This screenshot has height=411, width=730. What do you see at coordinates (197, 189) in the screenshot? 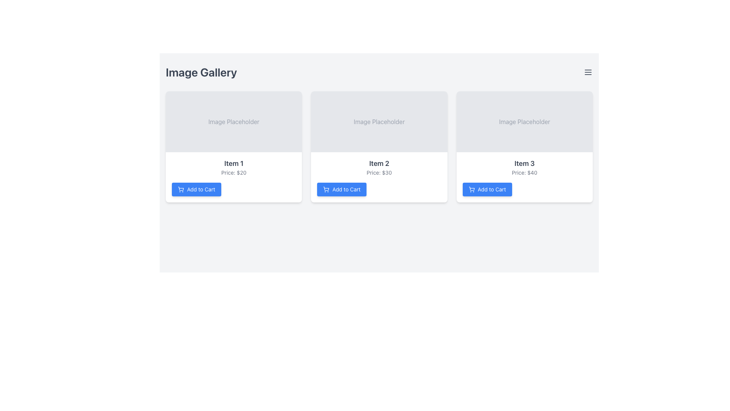
I see `the blue rectangular 'Add to Cart' button located centrally below the 'Price: $20' text in the 'Item 1' card` at bounding box center [197, 189].